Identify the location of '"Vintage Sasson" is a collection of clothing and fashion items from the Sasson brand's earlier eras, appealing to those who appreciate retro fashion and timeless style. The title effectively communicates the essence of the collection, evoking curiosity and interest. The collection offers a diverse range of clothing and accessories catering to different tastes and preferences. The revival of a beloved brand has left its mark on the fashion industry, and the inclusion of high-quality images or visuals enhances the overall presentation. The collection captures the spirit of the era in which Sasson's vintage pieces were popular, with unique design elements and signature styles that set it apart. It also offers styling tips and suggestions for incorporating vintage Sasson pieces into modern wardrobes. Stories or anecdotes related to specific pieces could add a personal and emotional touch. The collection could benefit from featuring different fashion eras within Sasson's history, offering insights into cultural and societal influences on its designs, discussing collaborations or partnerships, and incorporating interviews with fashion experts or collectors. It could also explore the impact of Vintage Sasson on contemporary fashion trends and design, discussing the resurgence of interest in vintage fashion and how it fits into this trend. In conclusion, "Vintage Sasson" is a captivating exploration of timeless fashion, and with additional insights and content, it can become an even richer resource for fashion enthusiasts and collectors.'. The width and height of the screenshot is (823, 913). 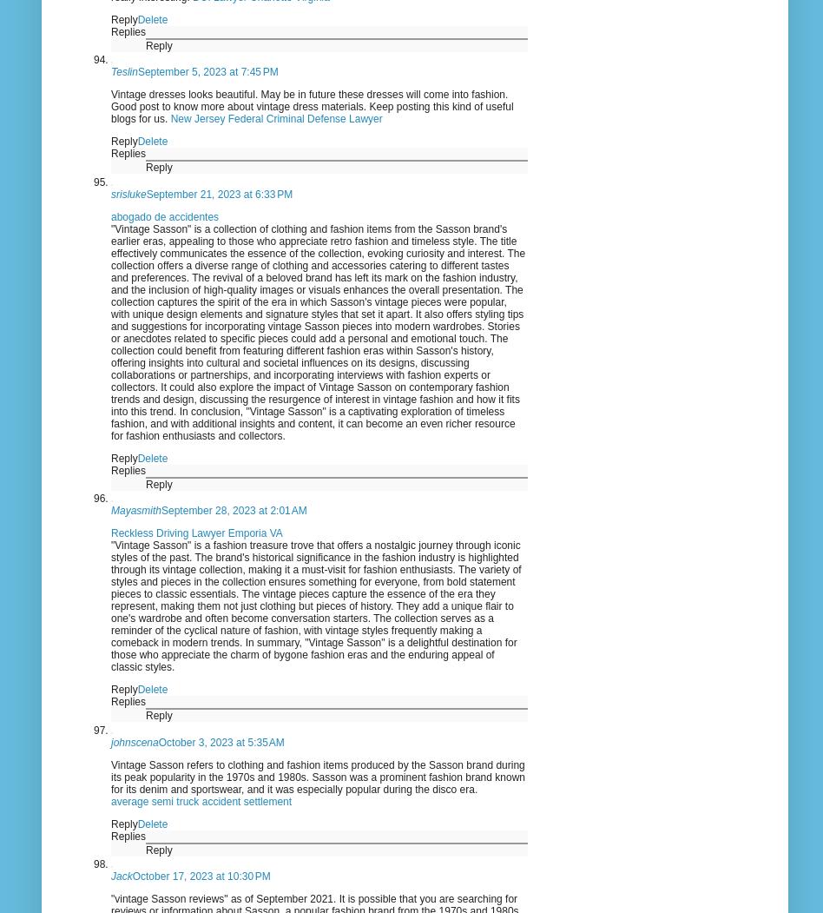
(317, 331).